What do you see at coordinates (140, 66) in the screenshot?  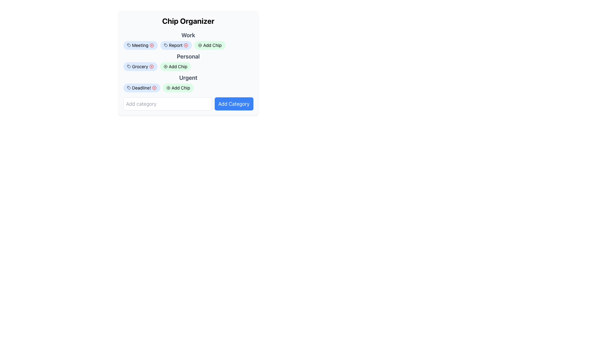 I see `the non-interactive Tag/Label in the 'Personal' section of the 'Chip Organizer', positioned to the left of the 'Add Chip' button` at bounding box center [140, 66].